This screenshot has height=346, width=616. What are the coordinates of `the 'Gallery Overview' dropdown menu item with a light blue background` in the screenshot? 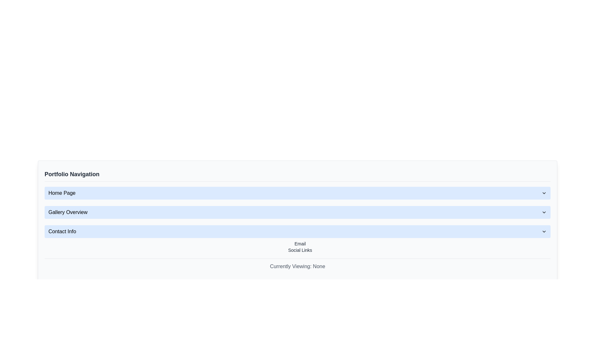 It's located at (297, 212).